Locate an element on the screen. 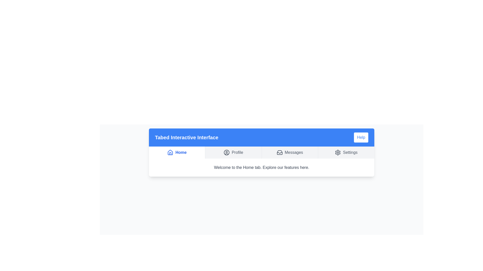 The image size is (483, 271). the 'Home' icon located on the left side of the navigation bar, which serves as a link to the main page is located at coordinates (170, 152).